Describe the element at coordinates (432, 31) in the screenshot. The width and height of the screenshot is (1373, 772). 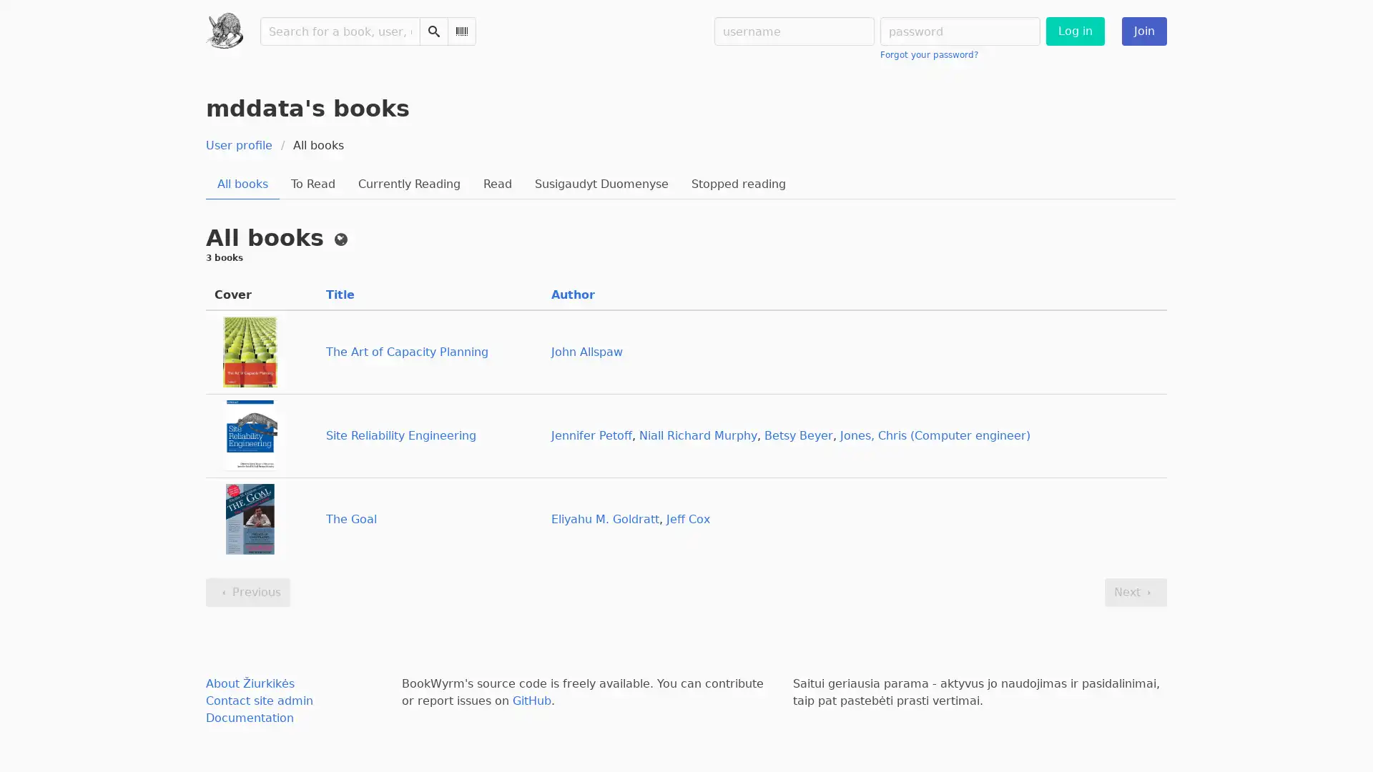
I see `Search` at that location.